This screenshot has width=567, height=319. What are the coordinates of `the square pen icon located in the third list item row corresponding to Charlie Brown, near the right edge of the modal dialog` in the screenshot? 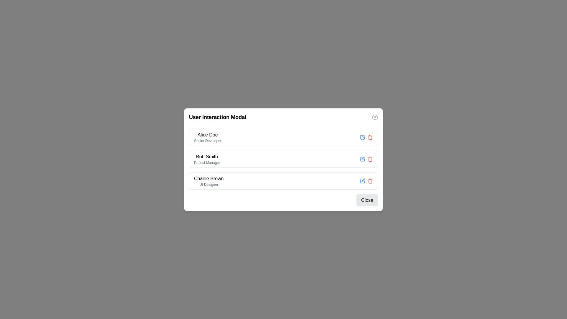 It's located at (362, 180).